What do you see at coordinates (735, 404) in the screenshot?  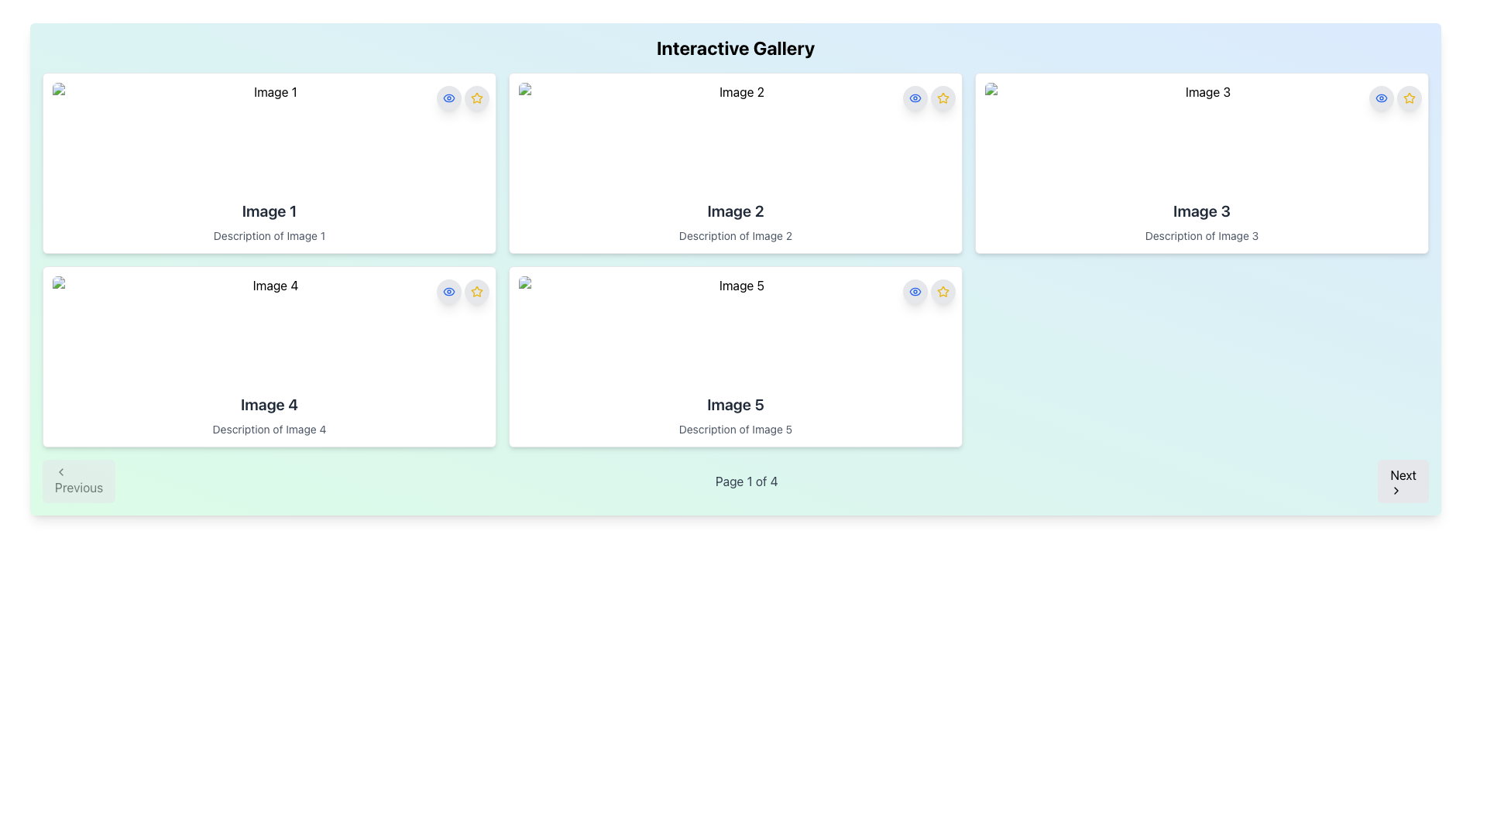 I see `the title text element in the card located in the second row, third column of the grid layout, which indicates the name or type of content showcased` at bounding box center [735, 404].